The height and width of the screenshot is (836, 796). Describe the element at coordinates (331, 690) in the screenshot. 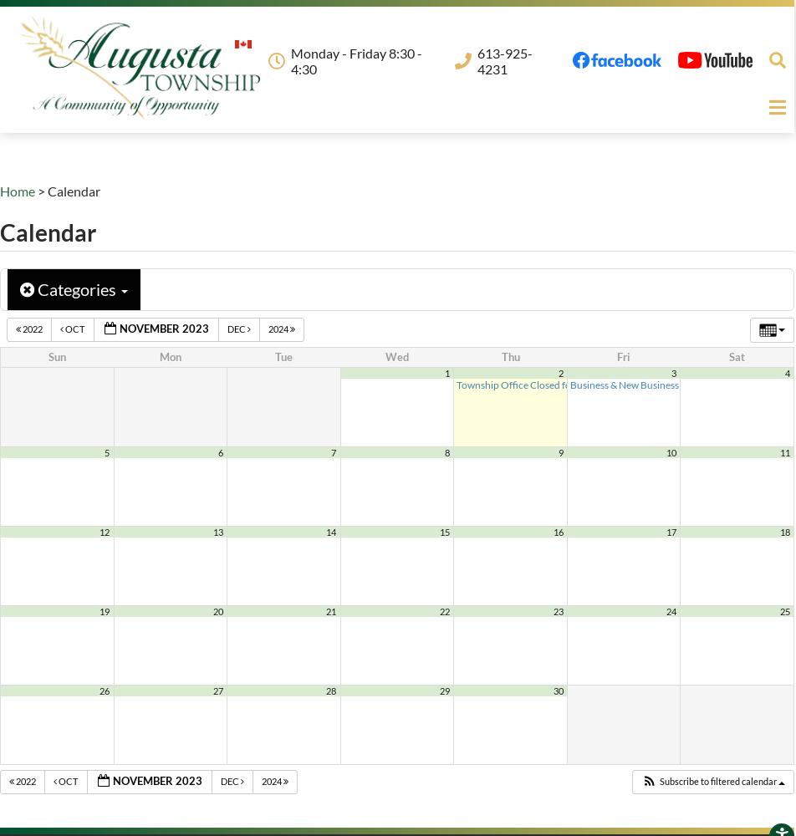

I see `'28'` at that location.